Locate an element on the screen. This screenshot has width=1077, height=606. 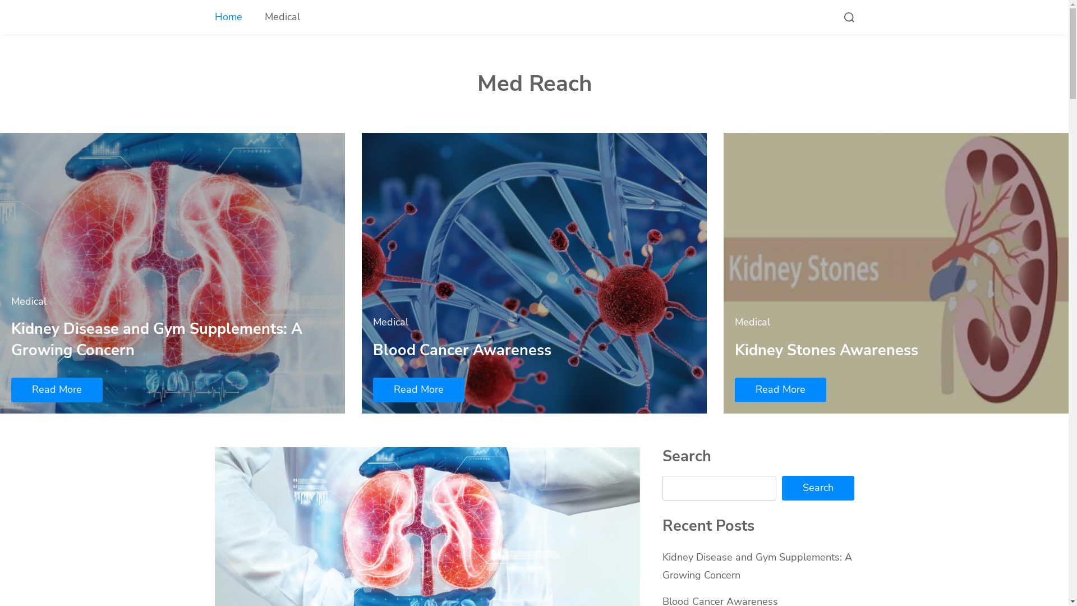
'Home' is located at coordinates (227, 17).